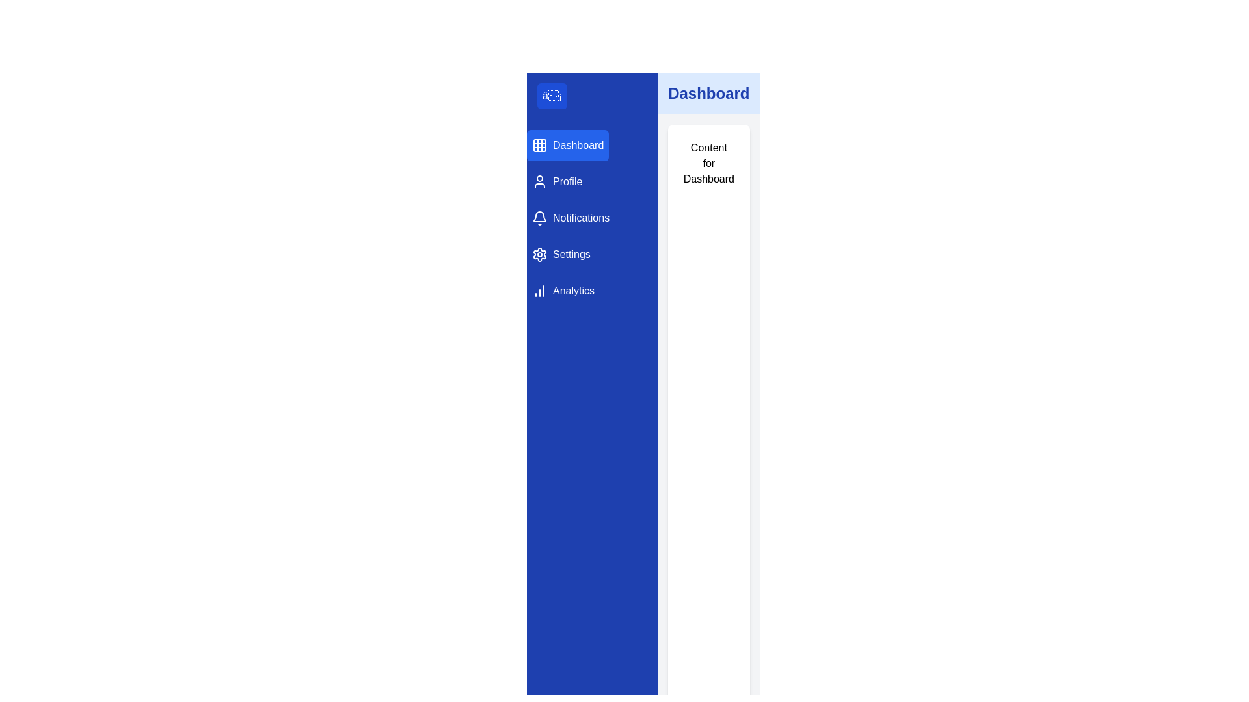 The image size is (1249, 702). What do you see at coordinates (540, 145) in the screenshot?
I see `the top-left SVG graphical element that contributes to the grid representation in the navigation controls` at bounding box center [540, 145].